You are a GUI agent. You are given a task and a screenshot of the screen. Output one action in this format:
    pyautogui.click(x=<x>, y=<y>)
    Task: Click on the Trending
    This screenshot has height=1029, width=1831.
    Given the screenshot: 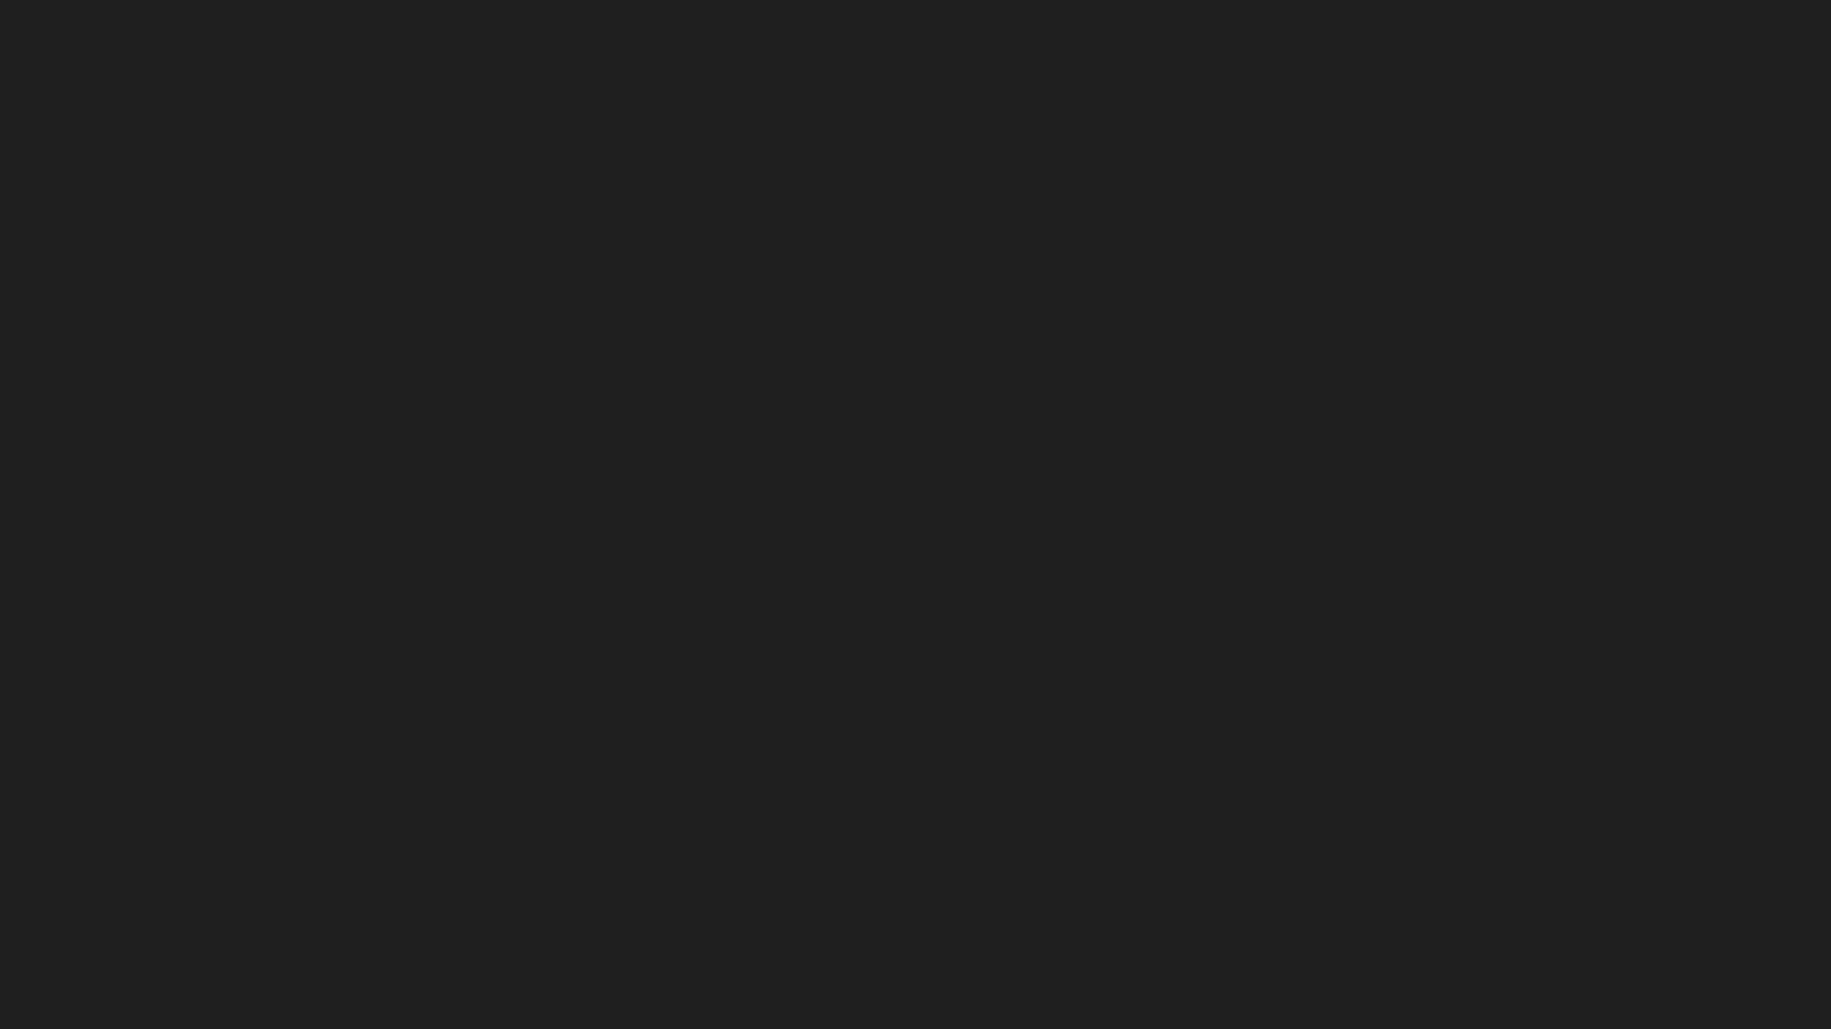 What is the action you would take?
    pyautogui.click(x=486, y=413)
    